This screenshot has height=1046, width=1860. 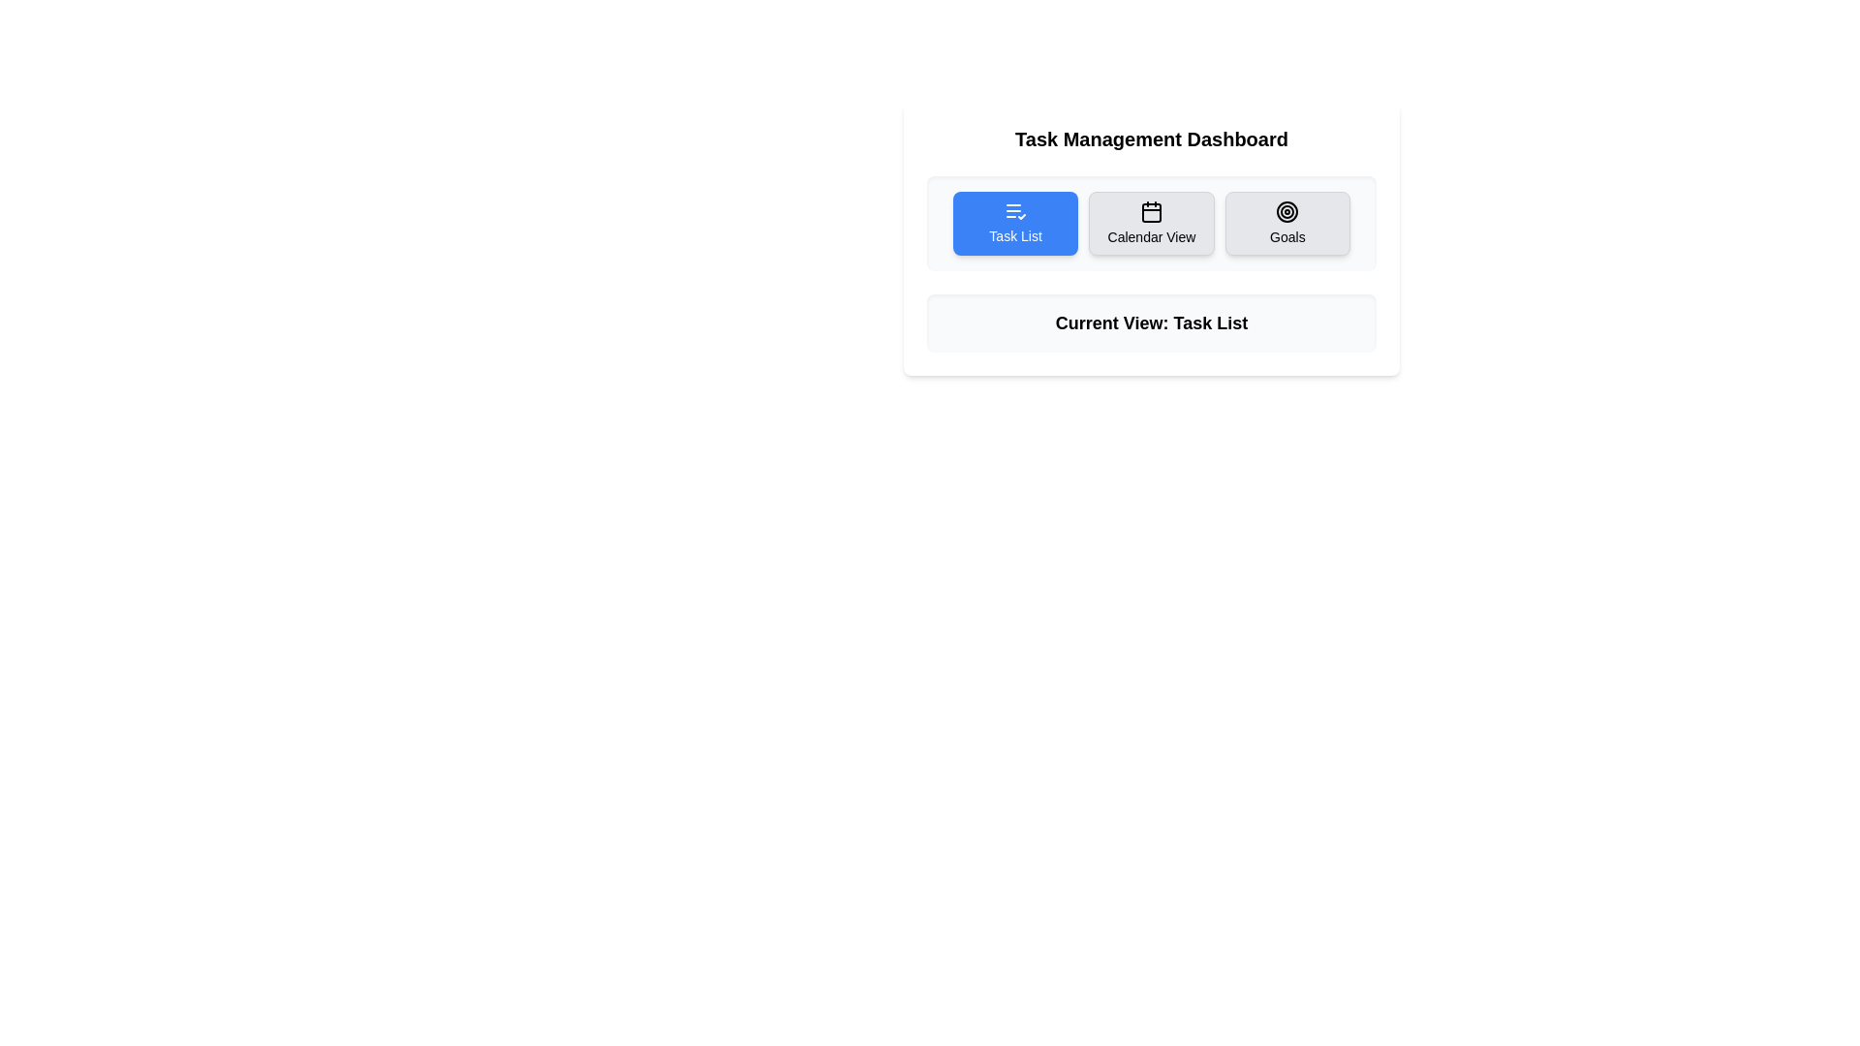 I want to click on the second concentric circle of the bullseye-like decorative graphic element, which is located within the 'Goals' button on the dashboard, so click(x=1287, y=212).